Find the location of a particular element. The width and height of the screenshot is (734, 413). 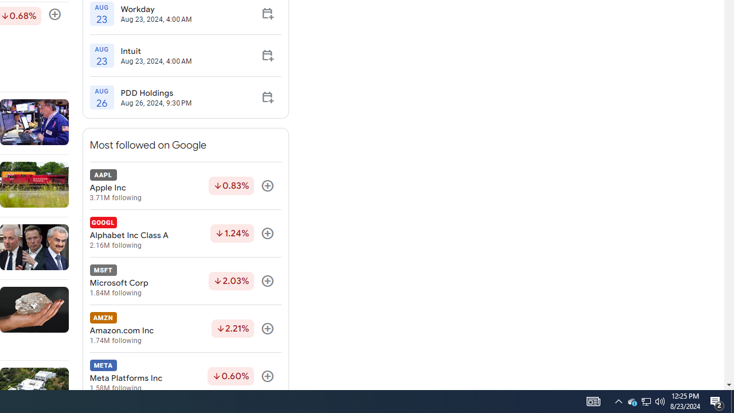

'Intuit' is located at coordinates (155, 50).